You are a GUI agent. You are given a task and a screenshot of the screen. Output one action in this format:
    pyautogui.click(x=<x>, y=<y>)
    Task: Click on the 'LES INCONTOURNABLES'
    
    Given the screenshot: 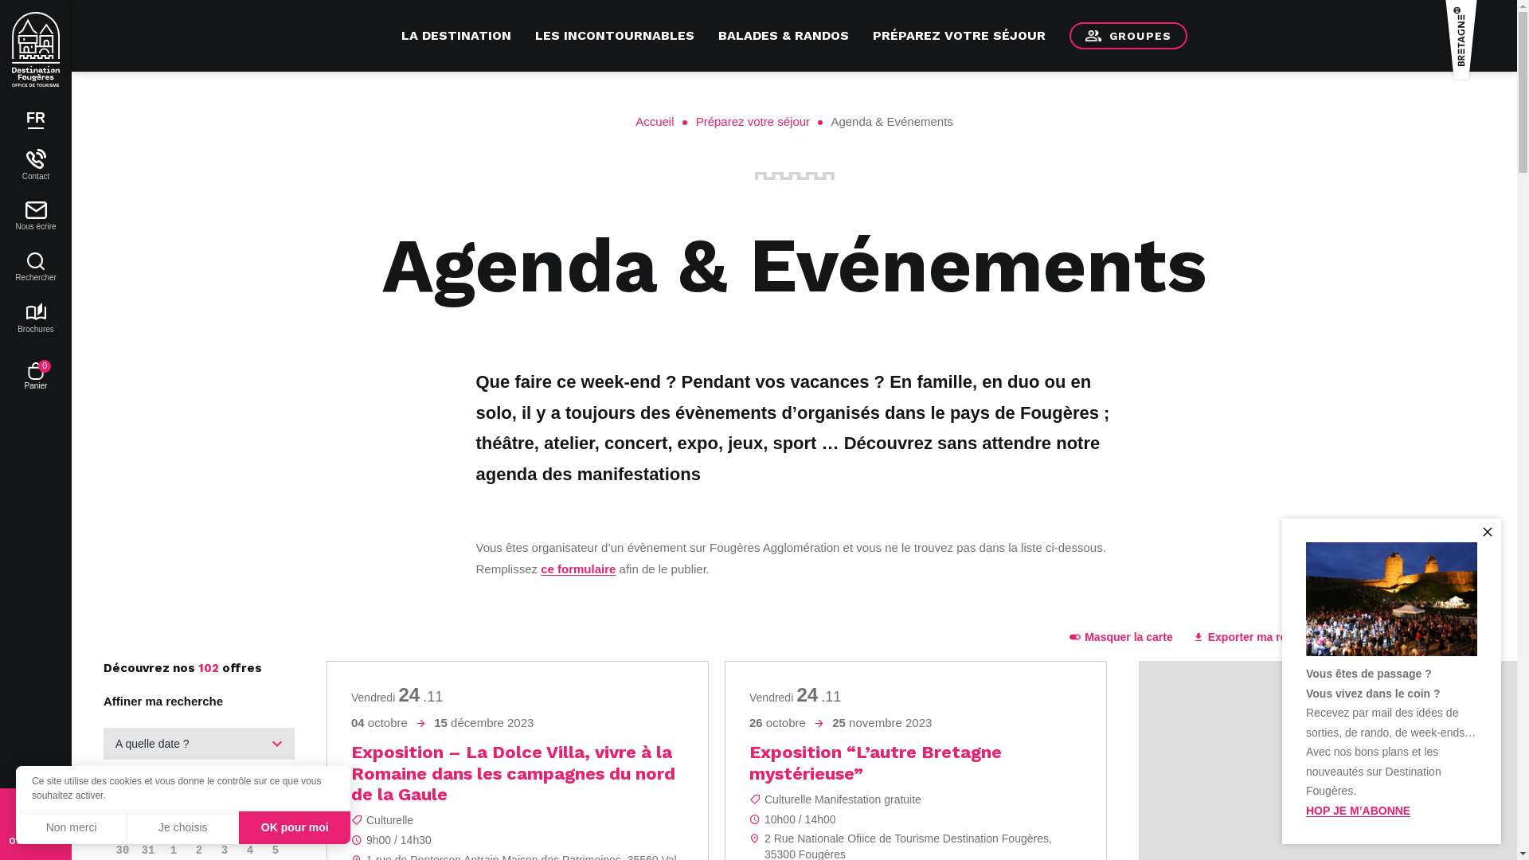 What is the action you would take?
    pyautogui.click(x=614, y=36)
    